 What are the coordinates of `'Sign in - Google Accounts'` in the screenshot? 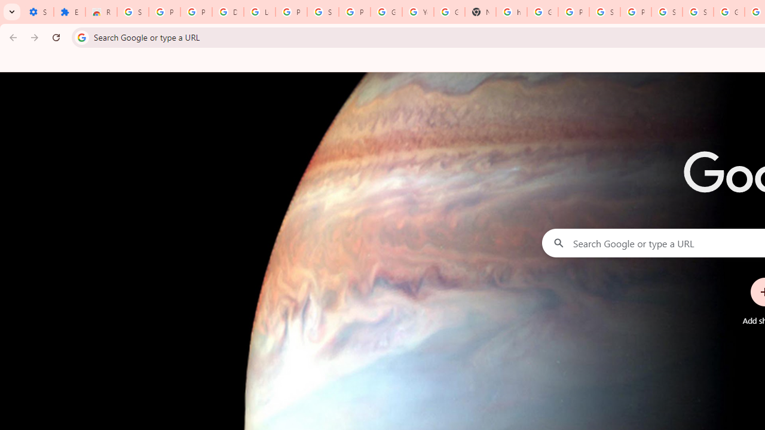 It's located at (666, 12).